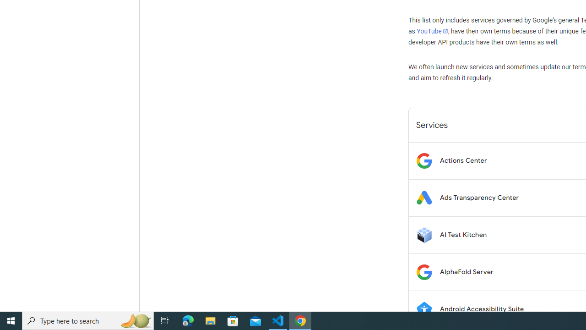  I want to click on 'Logo for Actions Center', so click(423, 160).